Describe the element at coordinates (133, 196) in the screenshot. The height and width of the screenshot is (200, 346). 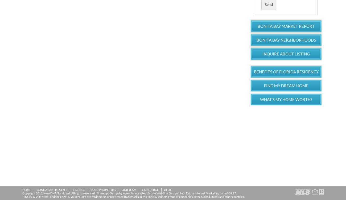
I see `'“ENGEL & VÖLKERS” and the Engel & Völkers logo are trademarks or registered trademarks of the Engel & Völkers group of companies in the United States and other countries.'` at that location.